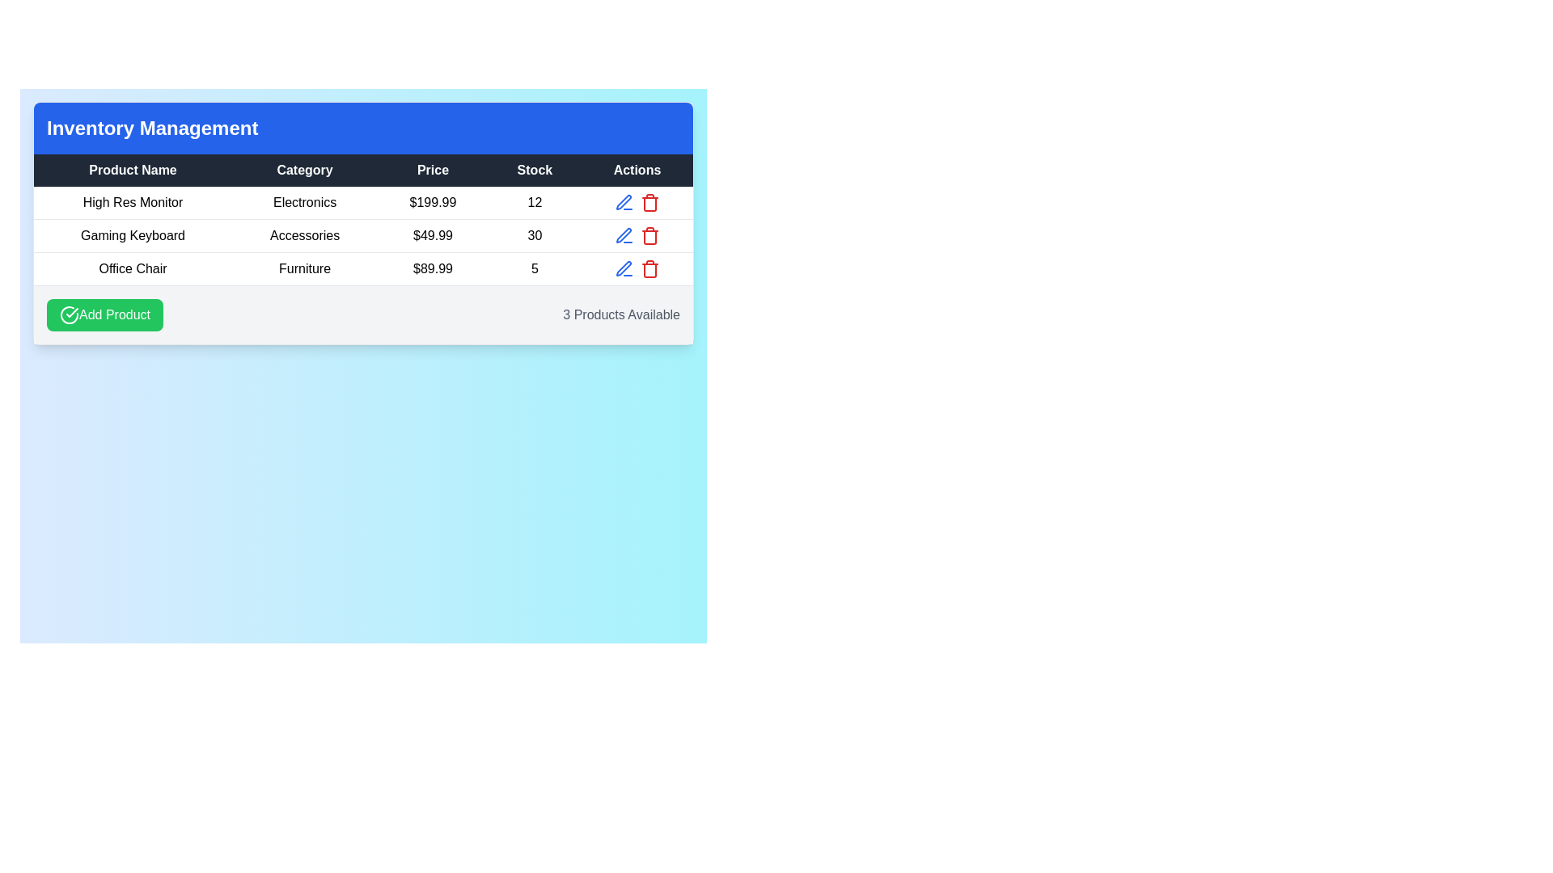 The width and height of the screenshot is (1553, 873). Describe the element at coordinates (620, 314) in the screenshot. I see `the informational text label indicating the count of available products, positioned to the right of the 'Add Product' button` at that location.